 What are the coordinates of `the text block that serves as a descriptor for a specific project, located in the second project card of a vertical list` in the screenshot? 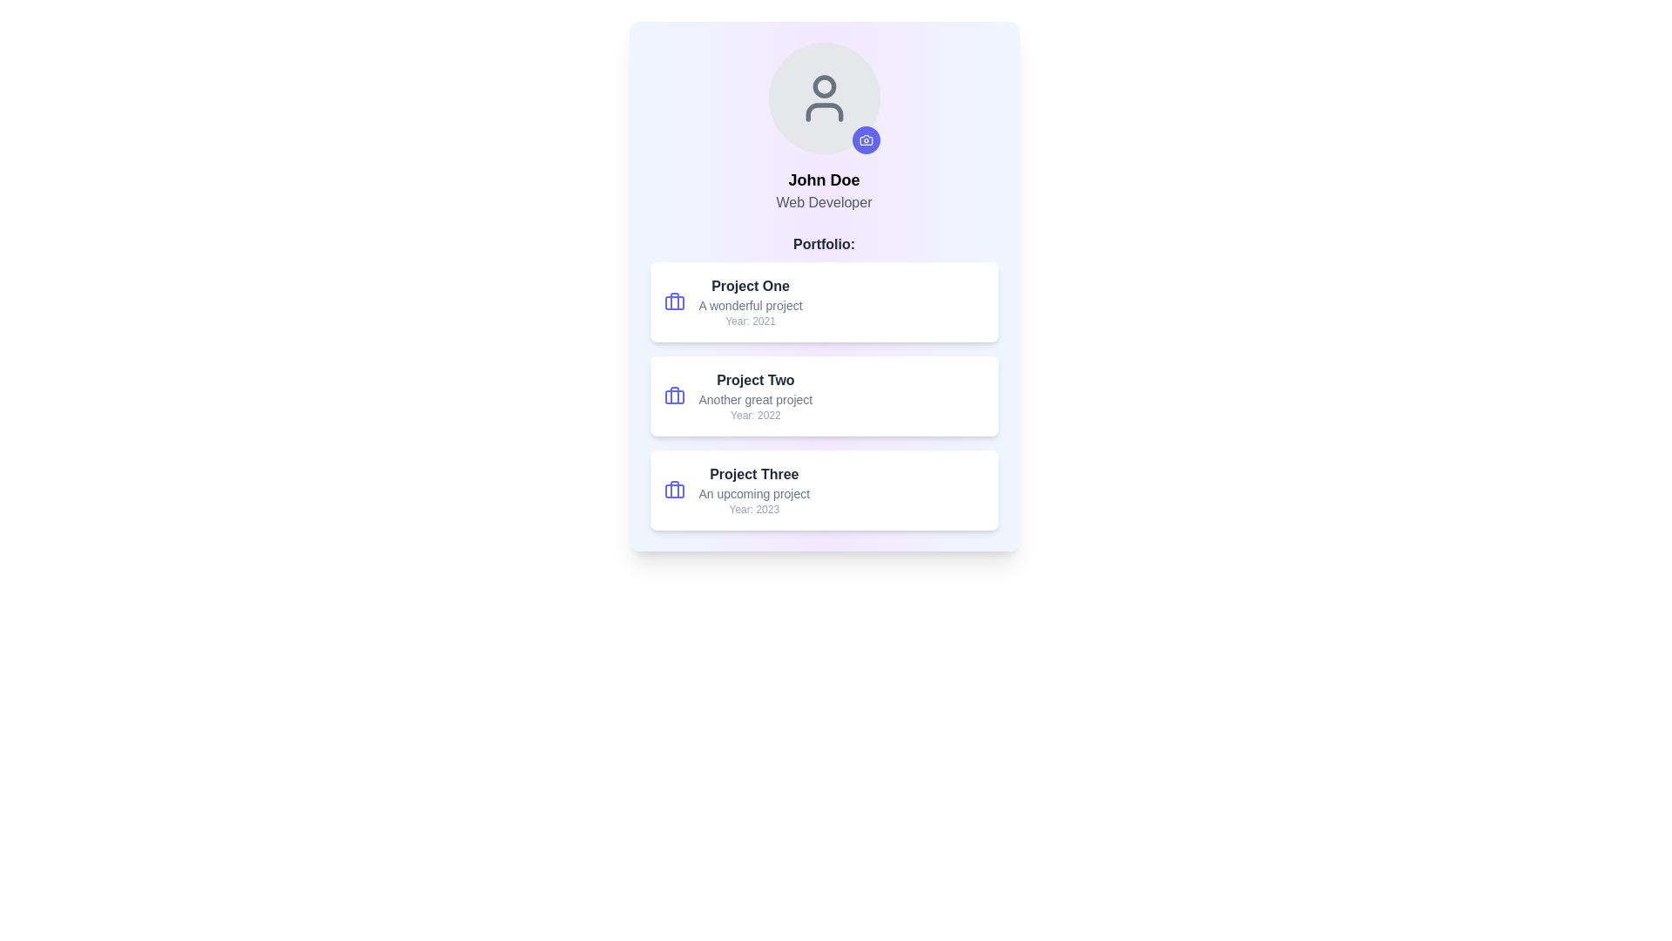 It's located at (755, 396).